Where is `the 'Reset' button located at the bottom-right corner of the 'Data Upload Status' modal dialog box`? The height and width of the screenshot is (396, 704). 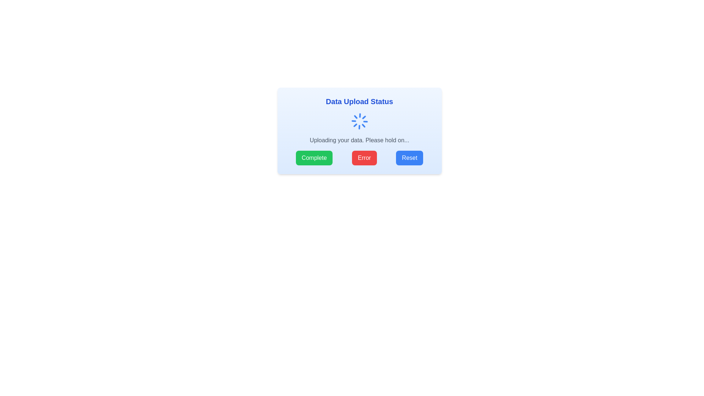 the 'Reset' button located at the bottom-right corner of the 'Data Upload Status' modal dialog box is located at coordinates (409, 158).